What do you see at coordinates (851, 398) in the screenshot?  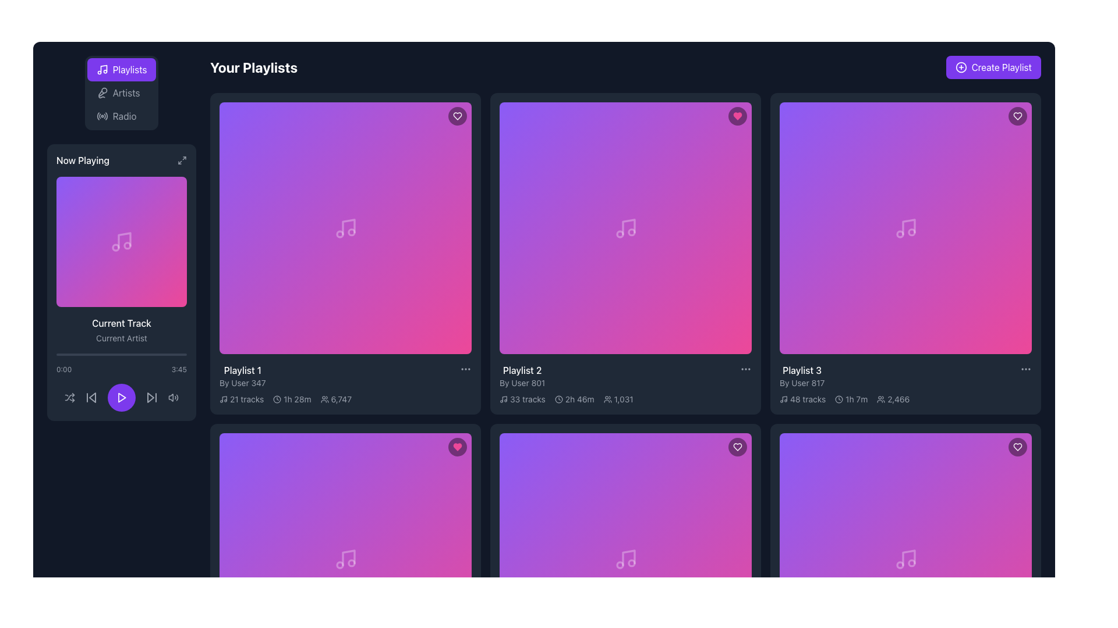 I see `time display text '1h 7m' from the compact time-display UI component, which consists of a gray clock icon followed by the text, positioned in the middle-right cell of the grid layout under 'Playlist 3'` at bounding box center [851, 398].